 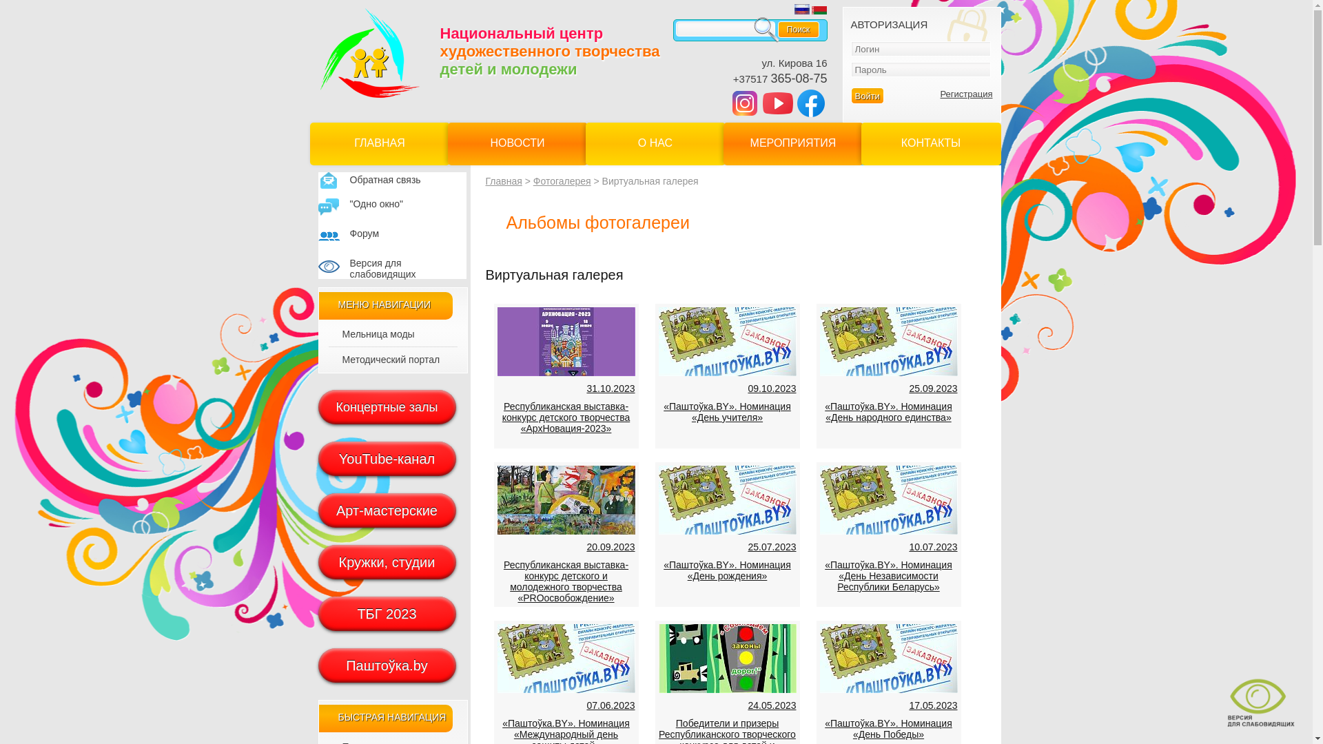 I want to click on '+37517 365-08-75', so click(x=780, y=79).